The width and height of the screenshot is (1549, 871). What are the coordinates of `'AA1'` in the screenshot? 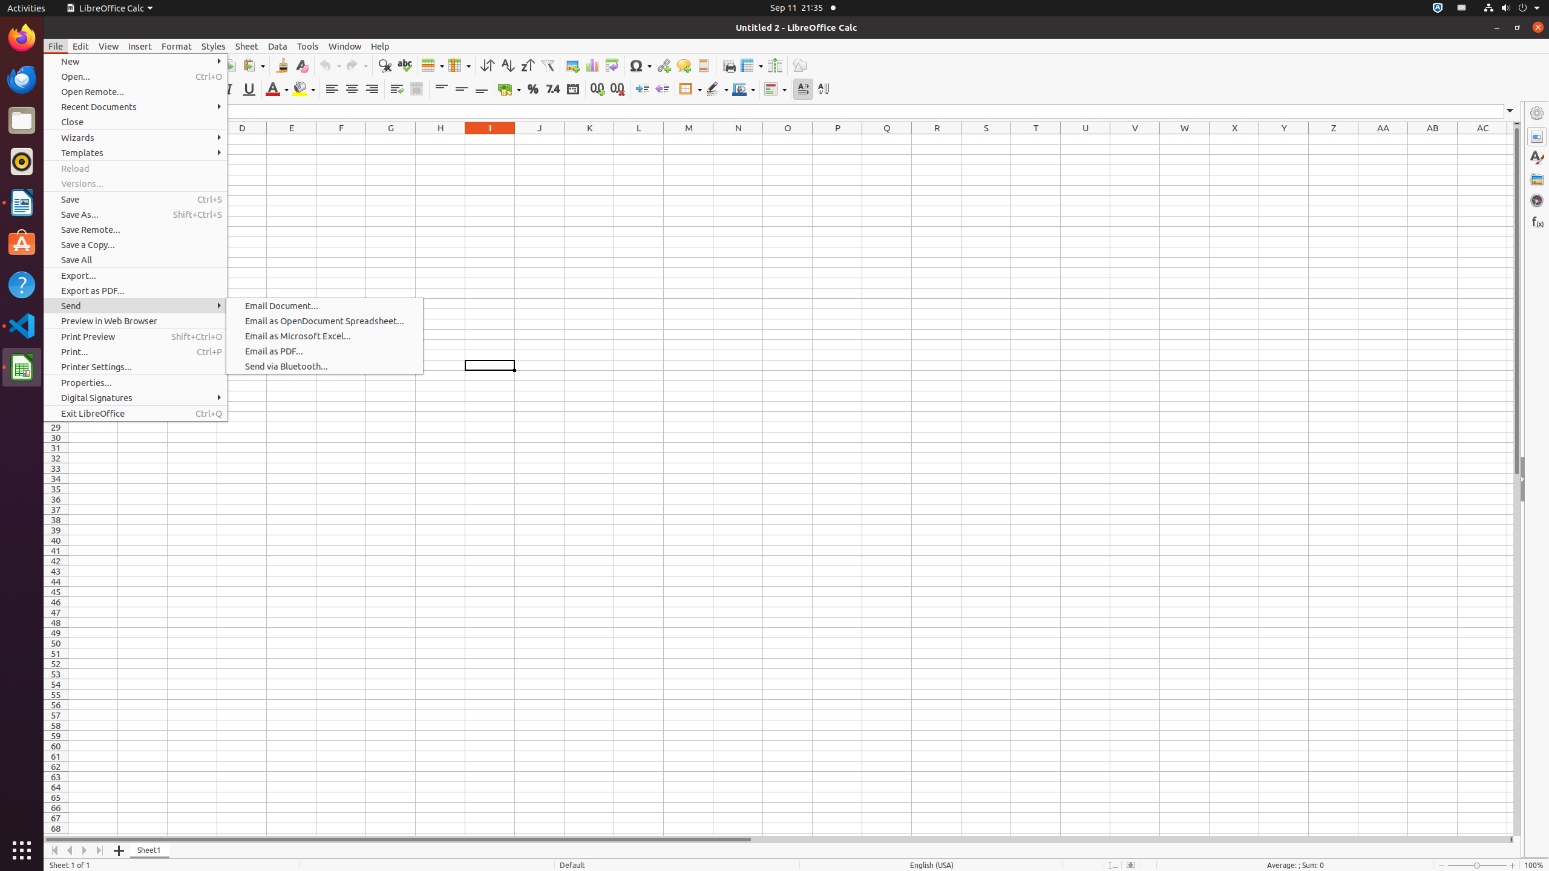 It's located at (1383, 139).